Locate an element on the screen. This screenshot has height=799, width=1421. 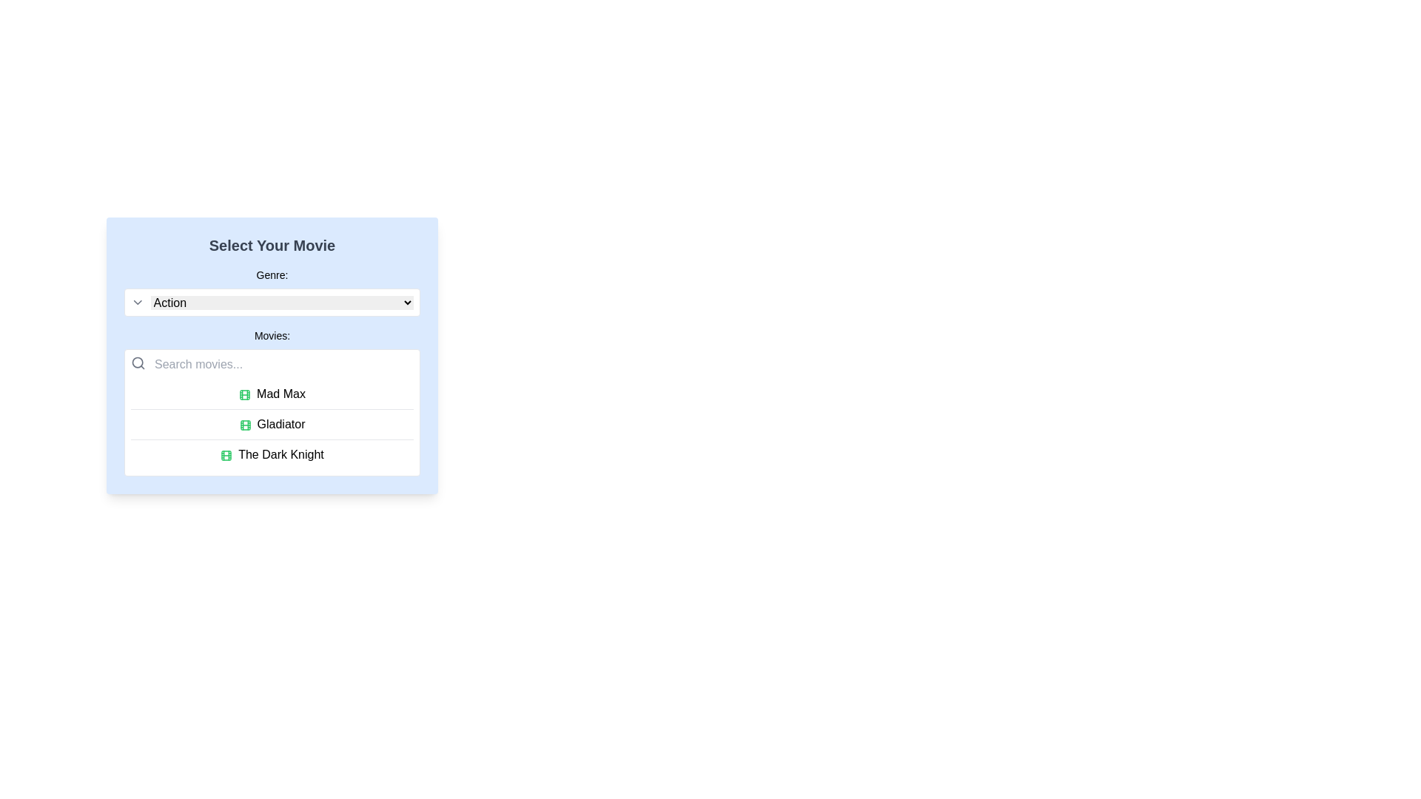
the label indicating the section for movies, which is positioned directly below the genre dropdown and above the search field is located at coordinates (272, 336).